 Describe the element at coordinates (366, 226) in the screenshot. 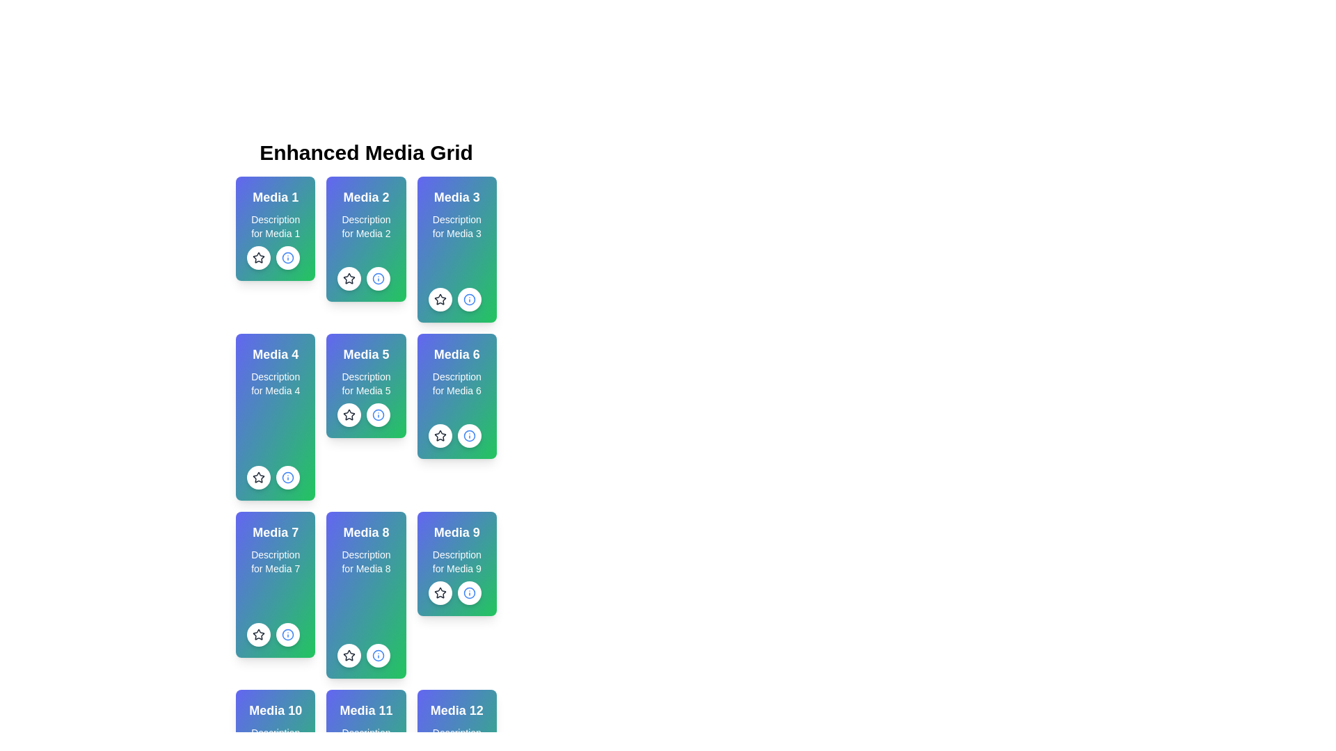

I see `the static text display that reads 'Description for Media 2', which is styled in a smaller font size and white color, positioned below the title 'Media 2'` at that location.